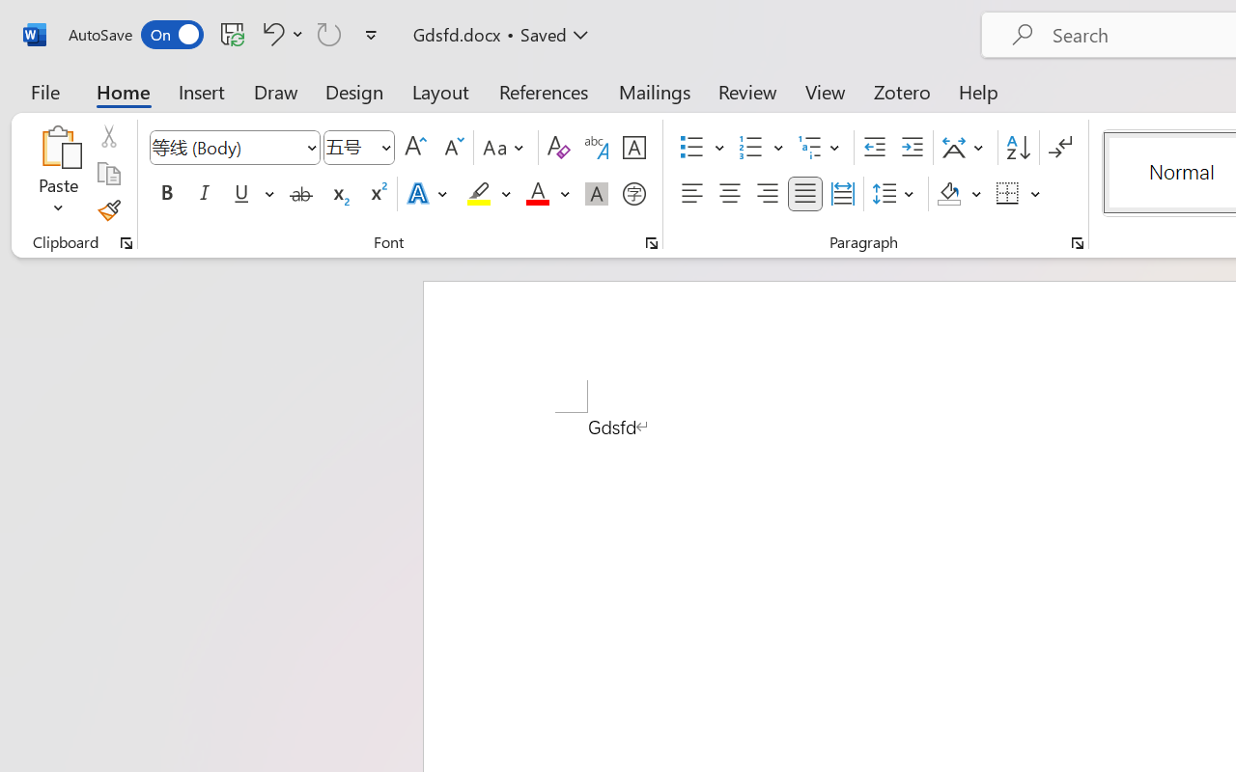 The image size is (1236, 772). Describe the element at coordinates (633, 148) in the screenshot. I see `'Character Border'` at that location.